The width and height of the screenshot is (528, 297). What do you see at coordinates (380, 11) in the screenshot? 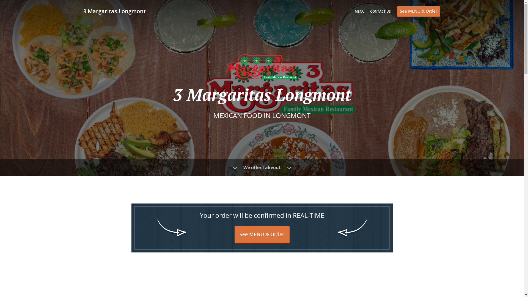
I see `'CONTACT US'` at bounding box center [380, 11].